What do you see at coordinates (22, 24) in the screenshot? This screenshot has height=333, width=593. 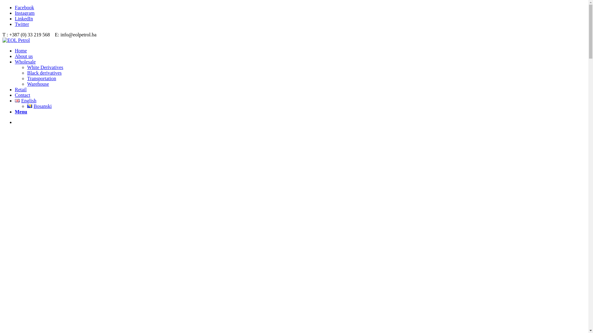 I see `'Twitter'` at bounding box center [22, 24].